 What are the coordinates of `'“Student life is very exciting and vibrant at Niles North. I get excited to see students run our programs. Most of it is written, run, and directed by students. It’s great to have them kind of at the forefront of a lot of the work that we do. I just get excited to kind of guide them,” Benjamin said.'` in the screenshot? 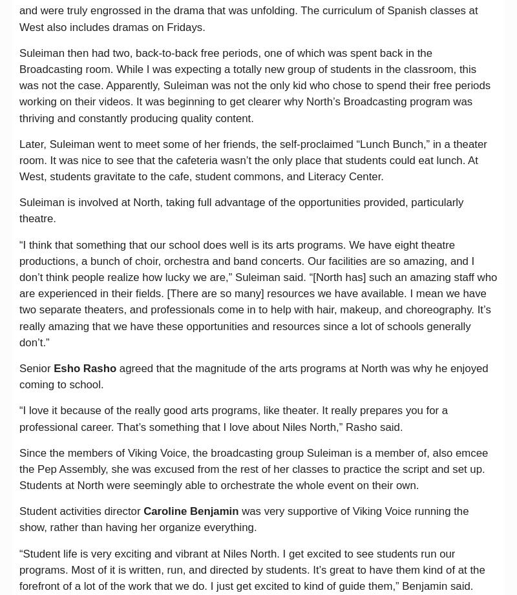 It's located at (251, 569).